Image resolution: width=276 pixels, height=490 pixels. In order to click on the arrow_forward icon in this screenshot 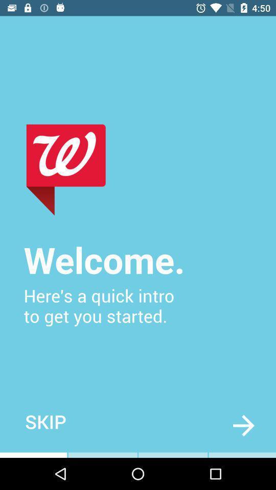, I will do `click(243, 426)`.